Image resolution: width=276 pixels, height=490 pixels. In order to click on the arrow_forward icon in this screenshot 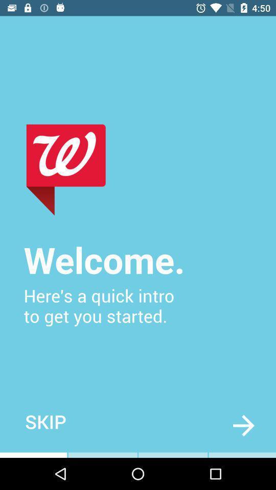, I will do `click(243, 426)`.